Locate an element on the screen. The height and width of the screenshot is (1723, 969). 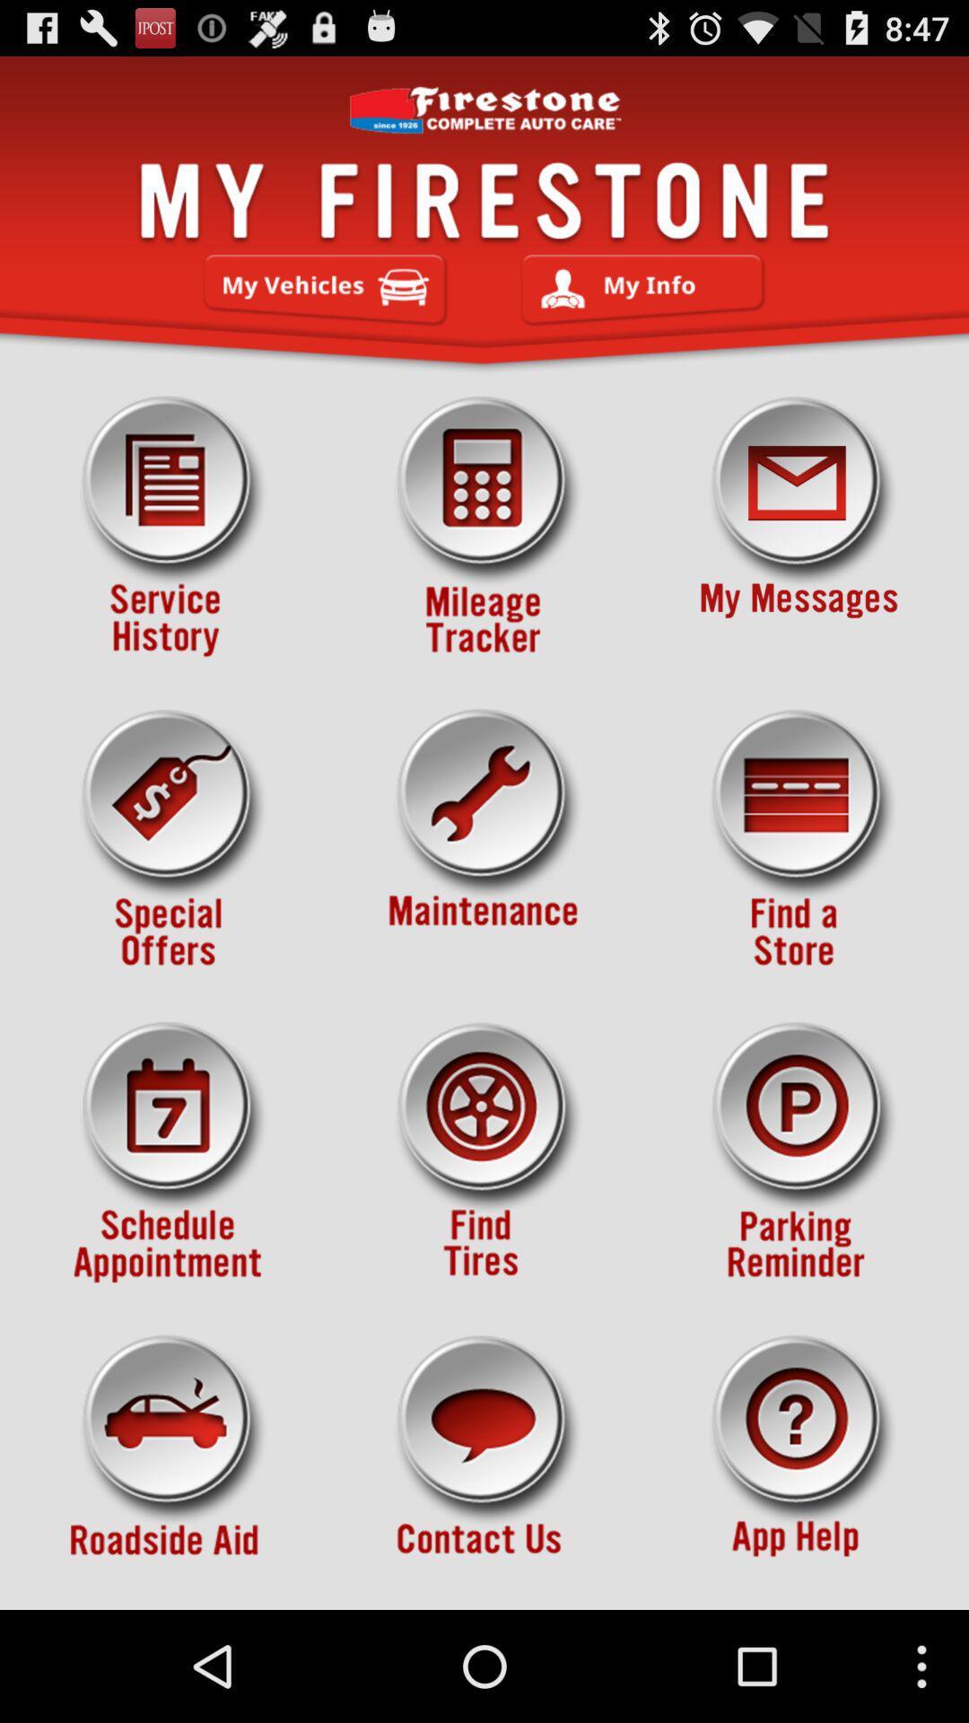
roadsie is located at coordinates (170, 1465).